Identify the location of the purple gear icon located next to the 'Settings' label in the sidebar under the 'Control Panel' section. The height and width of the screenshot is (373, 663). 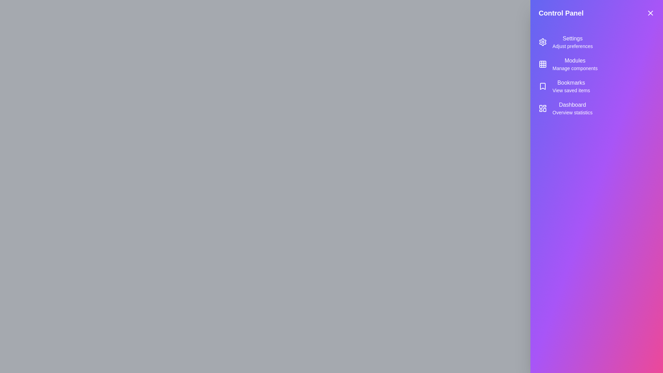
(542, 42).